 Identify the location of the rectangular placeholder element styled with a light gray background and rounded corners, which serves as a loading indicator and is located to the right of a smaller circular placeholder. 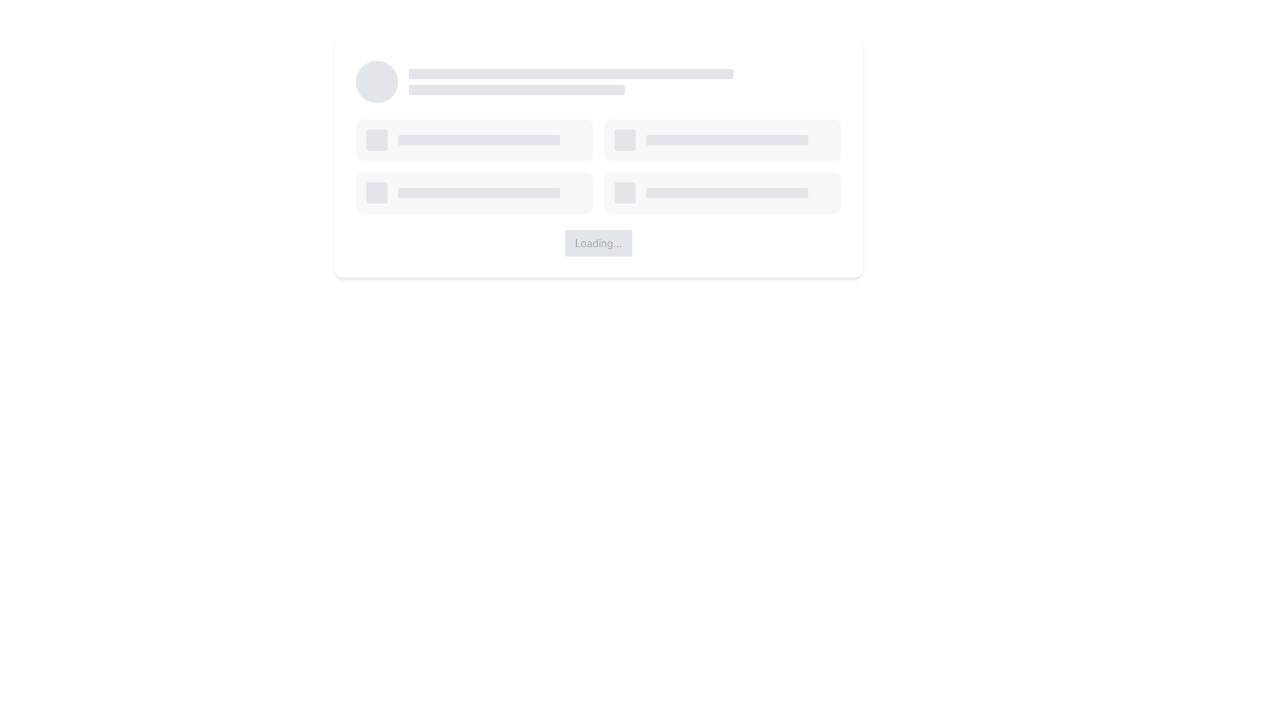
(478, 140).